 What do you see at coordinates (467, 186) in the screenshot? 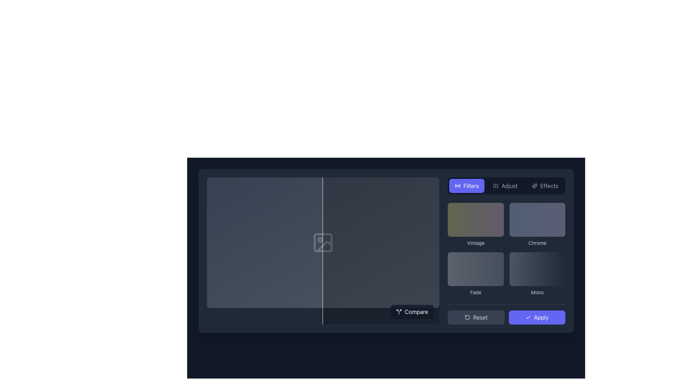
I see `the filter button located in the top-right corner of the interface` at bounding box center [467, 186].